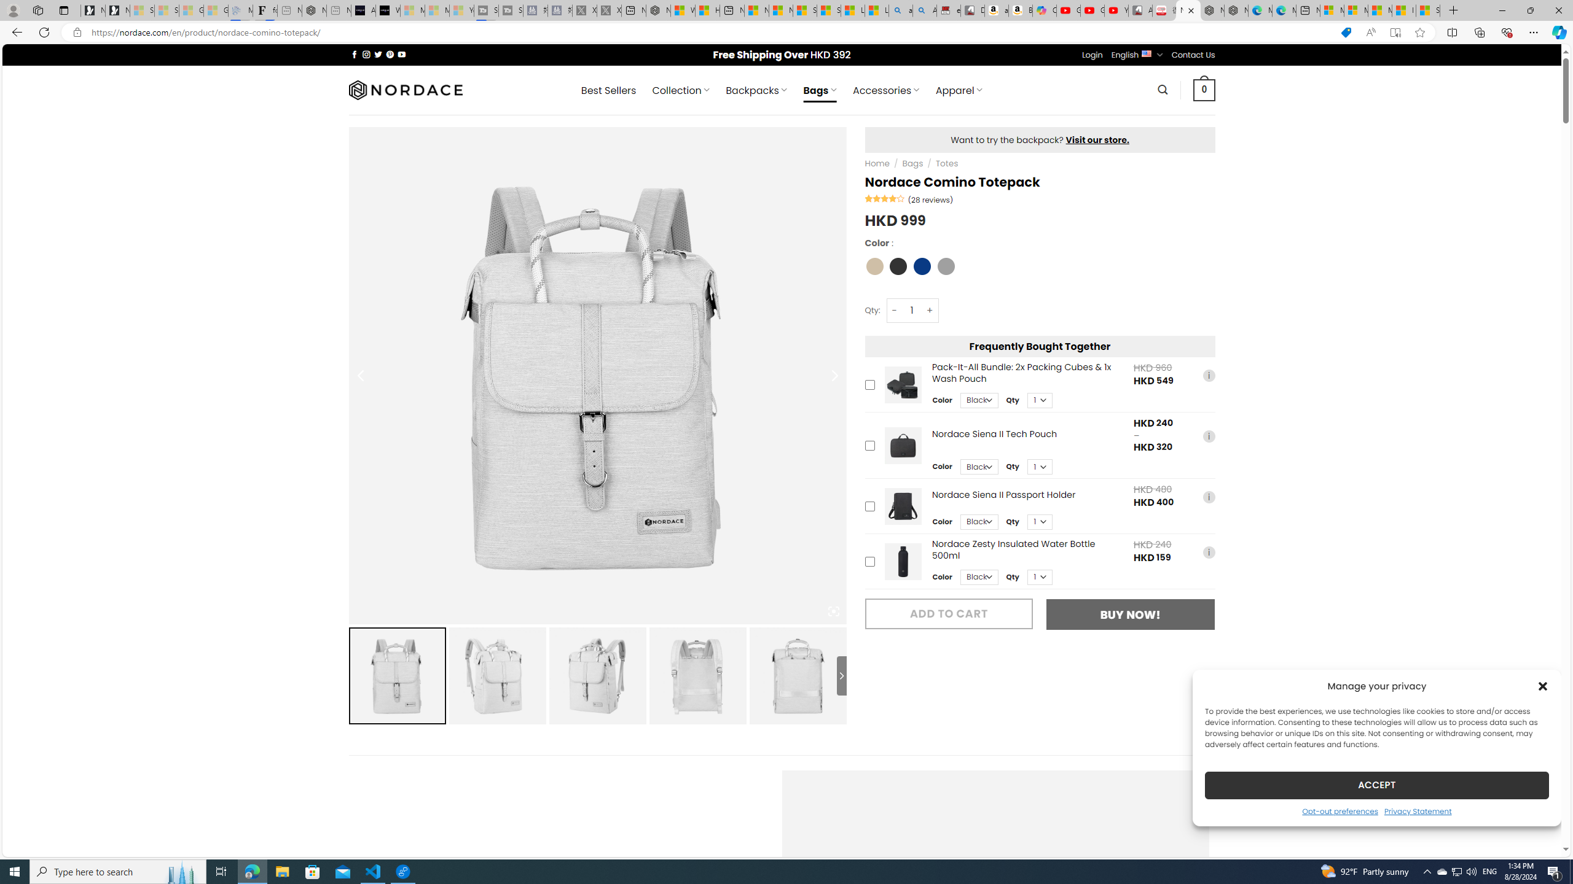  I want to click on 'Opt-out preferences', so click(1340, 810).